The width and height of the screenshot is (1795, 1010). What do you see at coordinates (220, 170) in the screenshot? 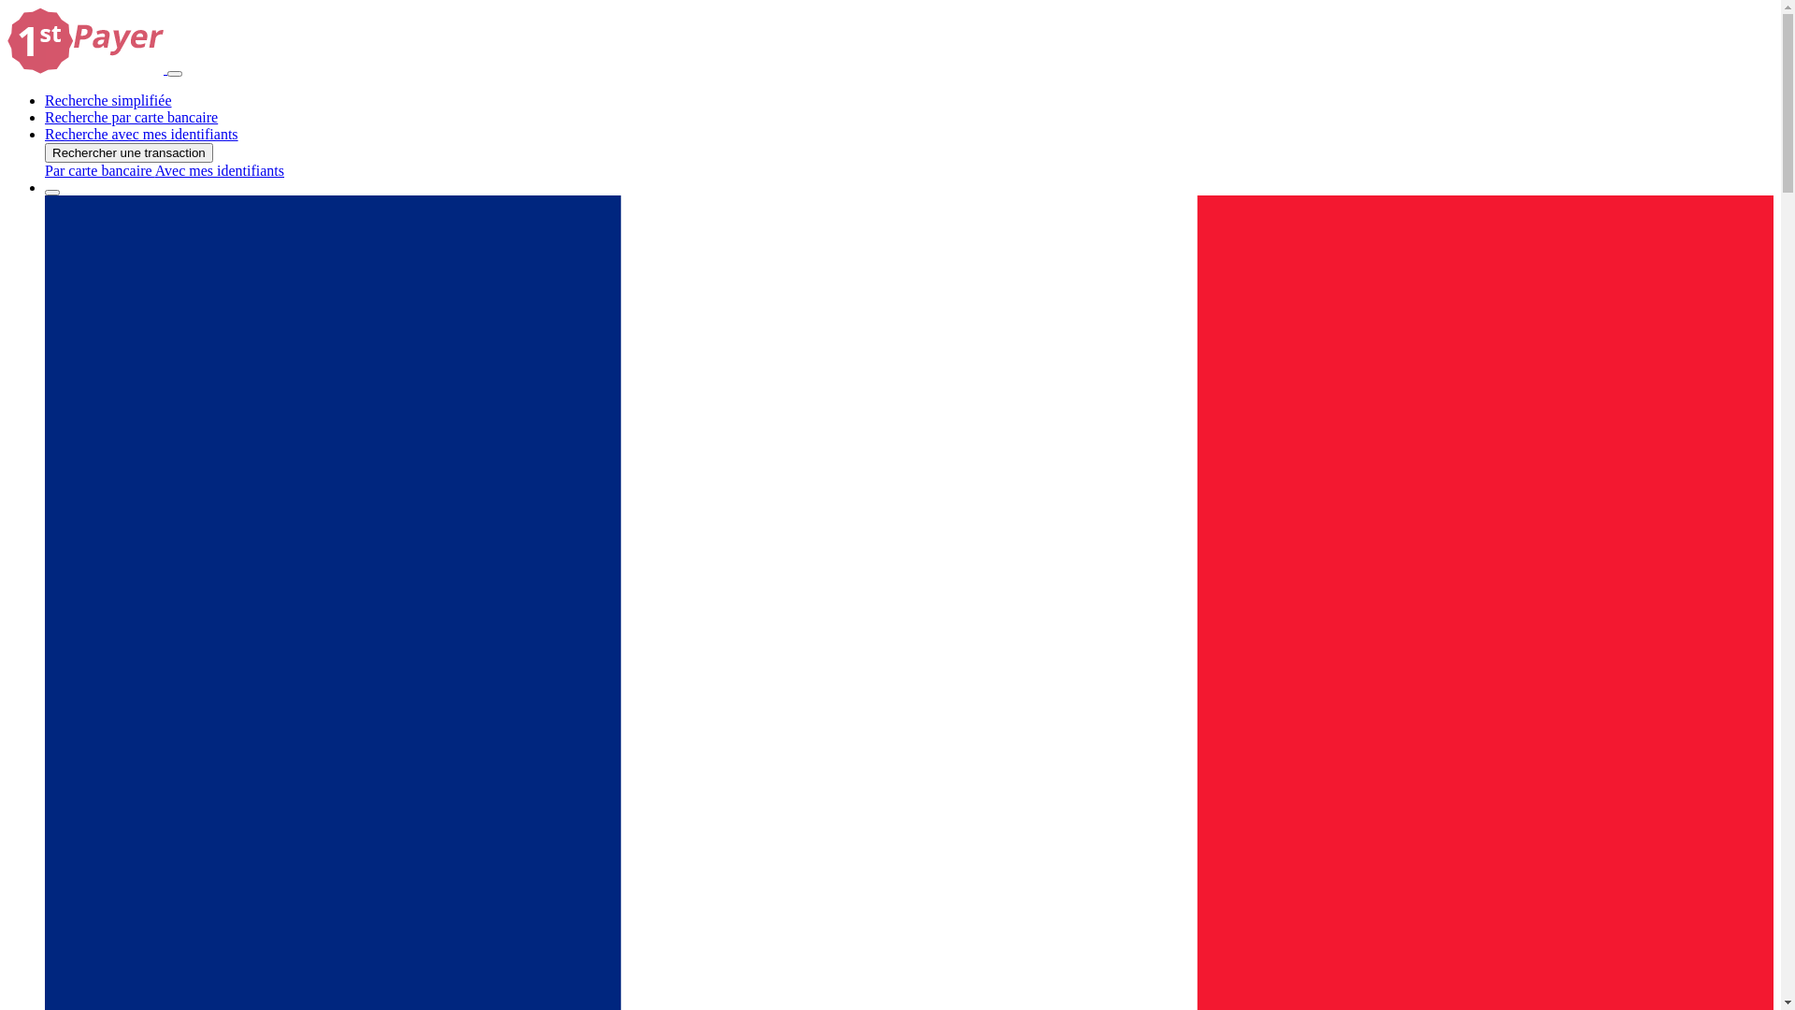
I see `'Avec mes identifiants'` at bounding box center [220, 170].